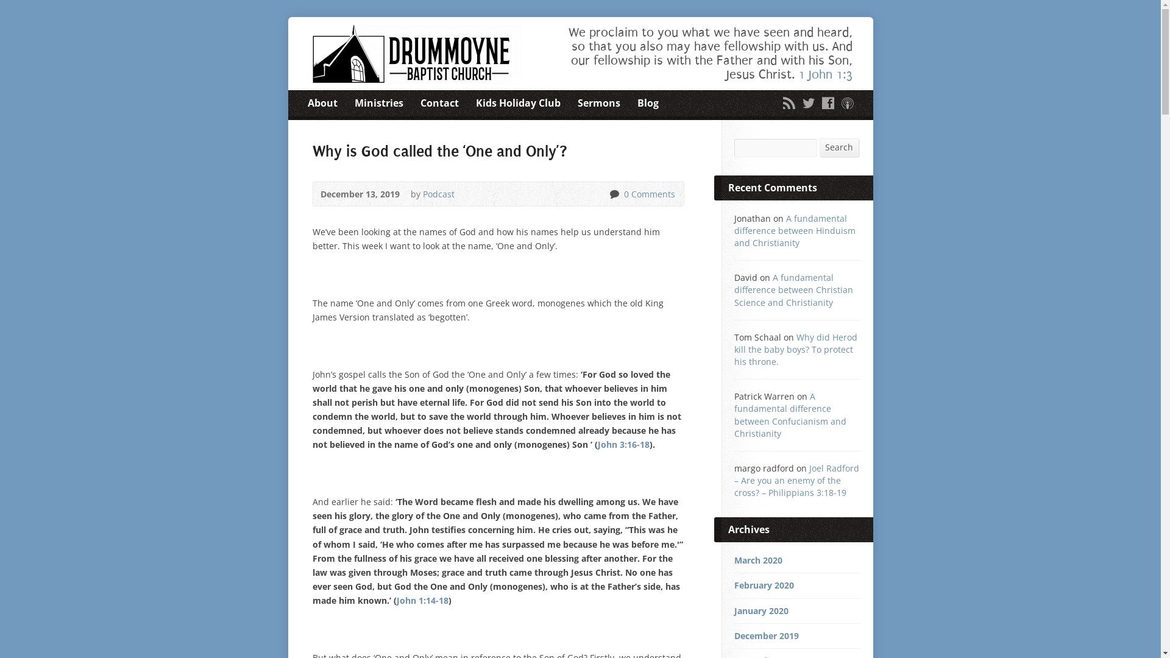  I want to click on 'Blog', so click(637, 102).